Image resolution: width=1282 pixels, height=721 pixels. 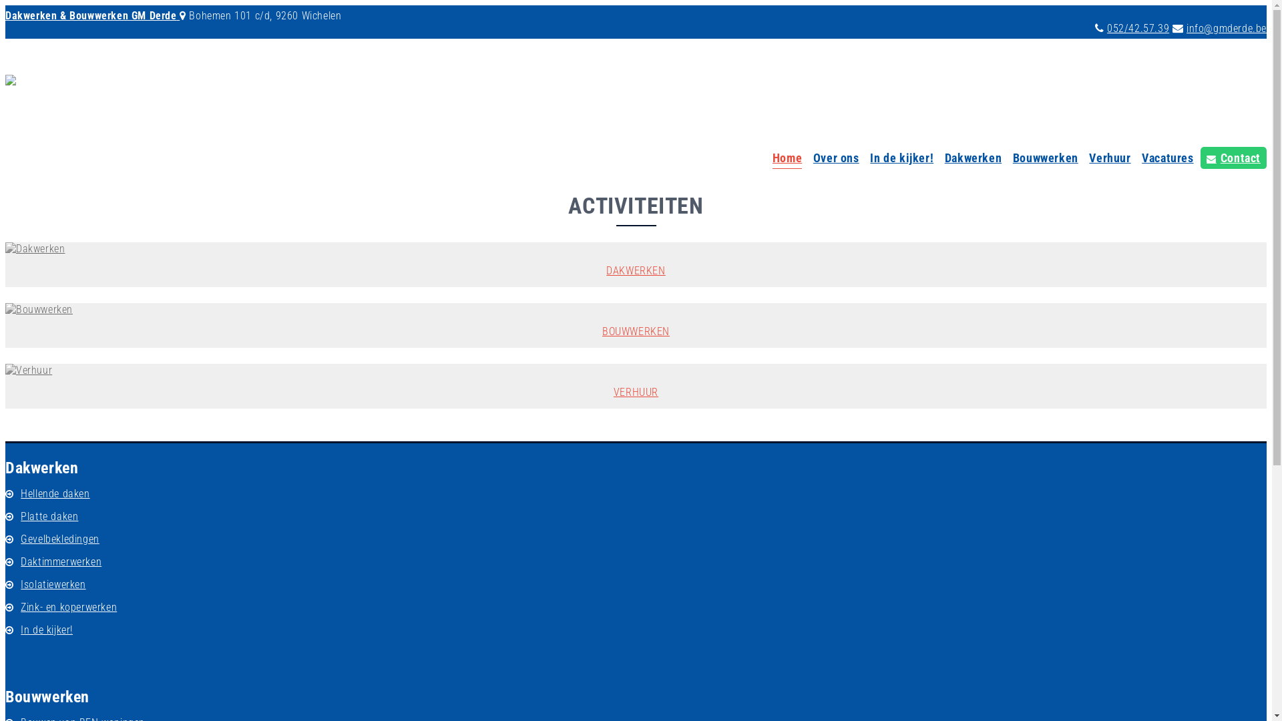 I want to click on 'Home', so click(x=787, y=159).